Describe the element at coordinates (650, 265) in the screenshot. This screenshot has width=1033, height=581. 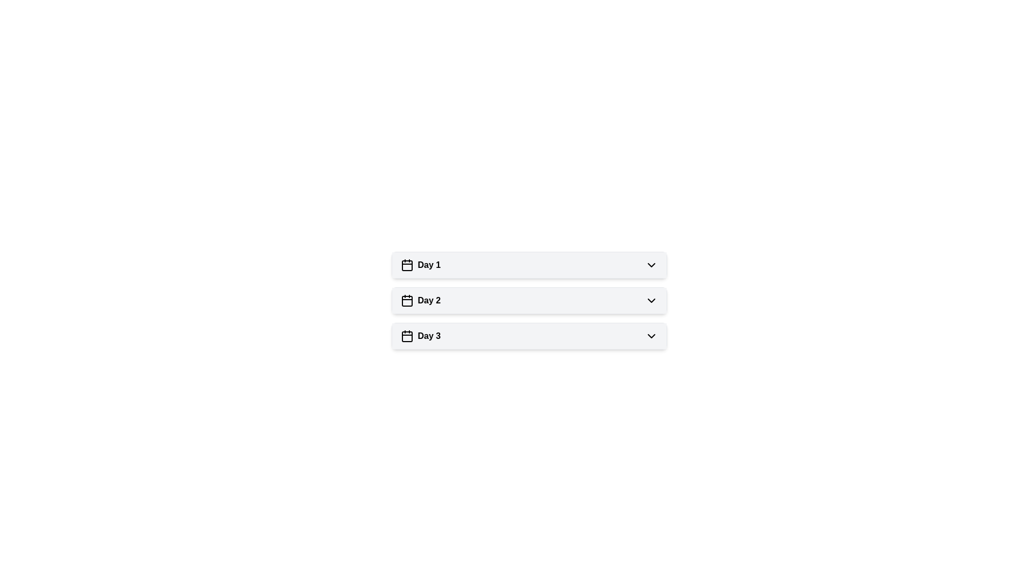
I see `the downward-facing chevron icon positioned at the rightmost side of the 'Day 1' list item` at that location.